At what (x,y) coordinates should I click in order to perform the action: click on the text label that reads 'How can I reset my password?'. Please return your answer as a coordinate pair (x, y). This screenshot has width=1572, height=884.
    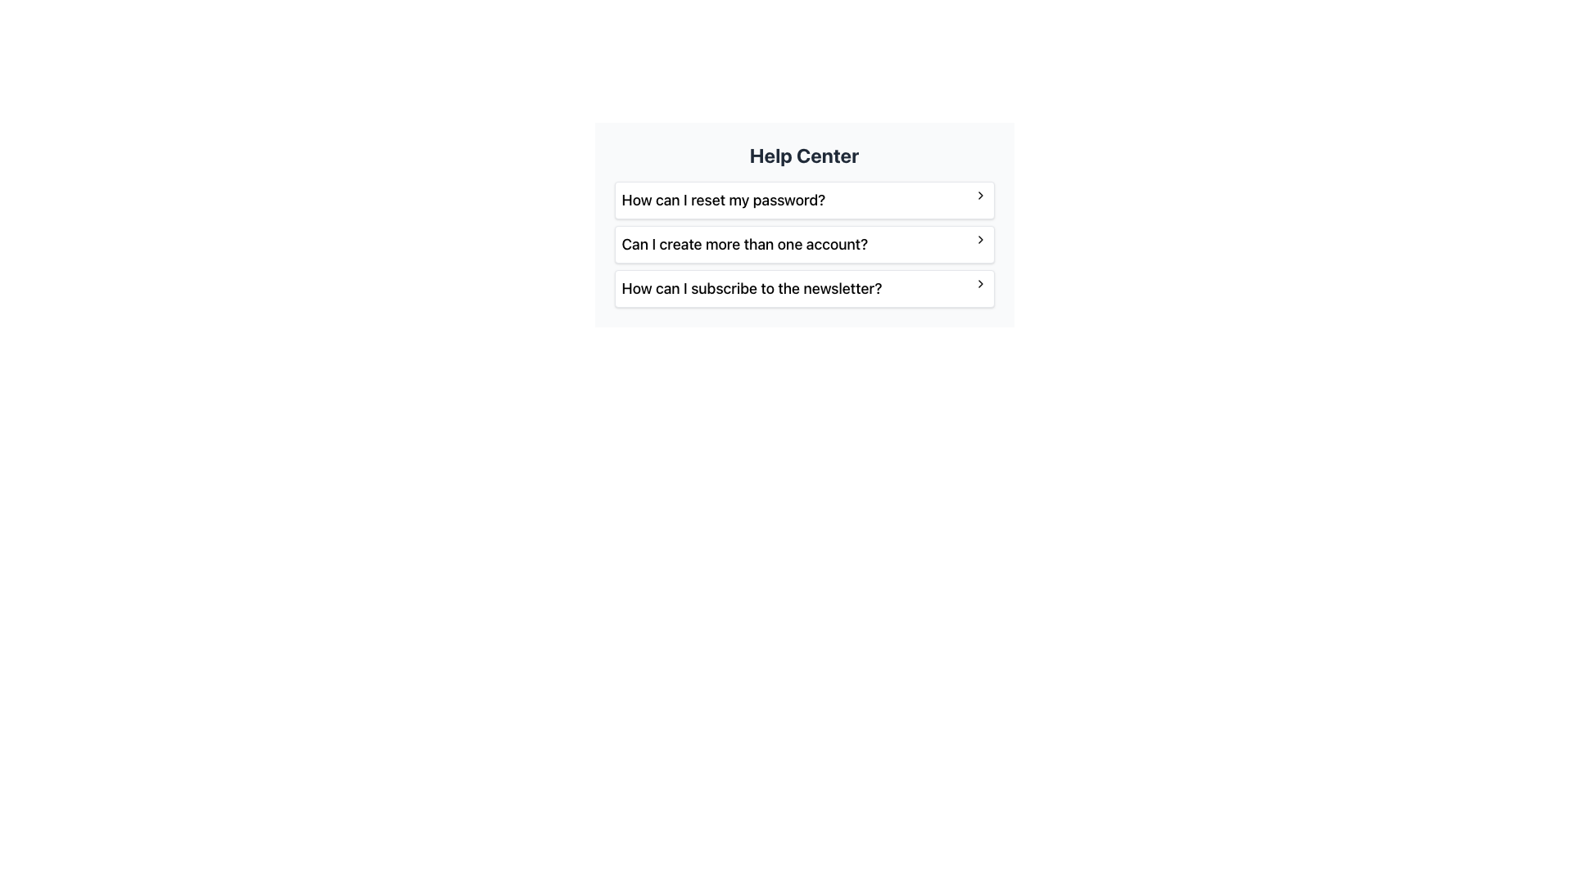
    Looking at the image, I should click on (804, 200).